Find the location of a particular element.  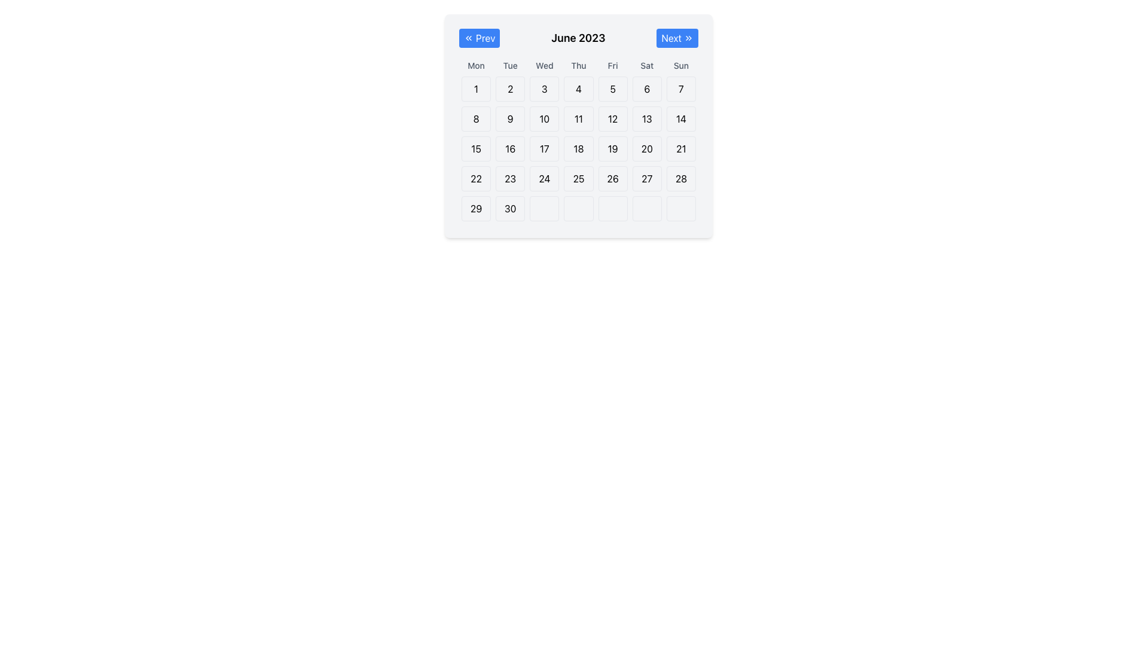

the button representing the 20th day of the month is located at coordinates (646, 148).